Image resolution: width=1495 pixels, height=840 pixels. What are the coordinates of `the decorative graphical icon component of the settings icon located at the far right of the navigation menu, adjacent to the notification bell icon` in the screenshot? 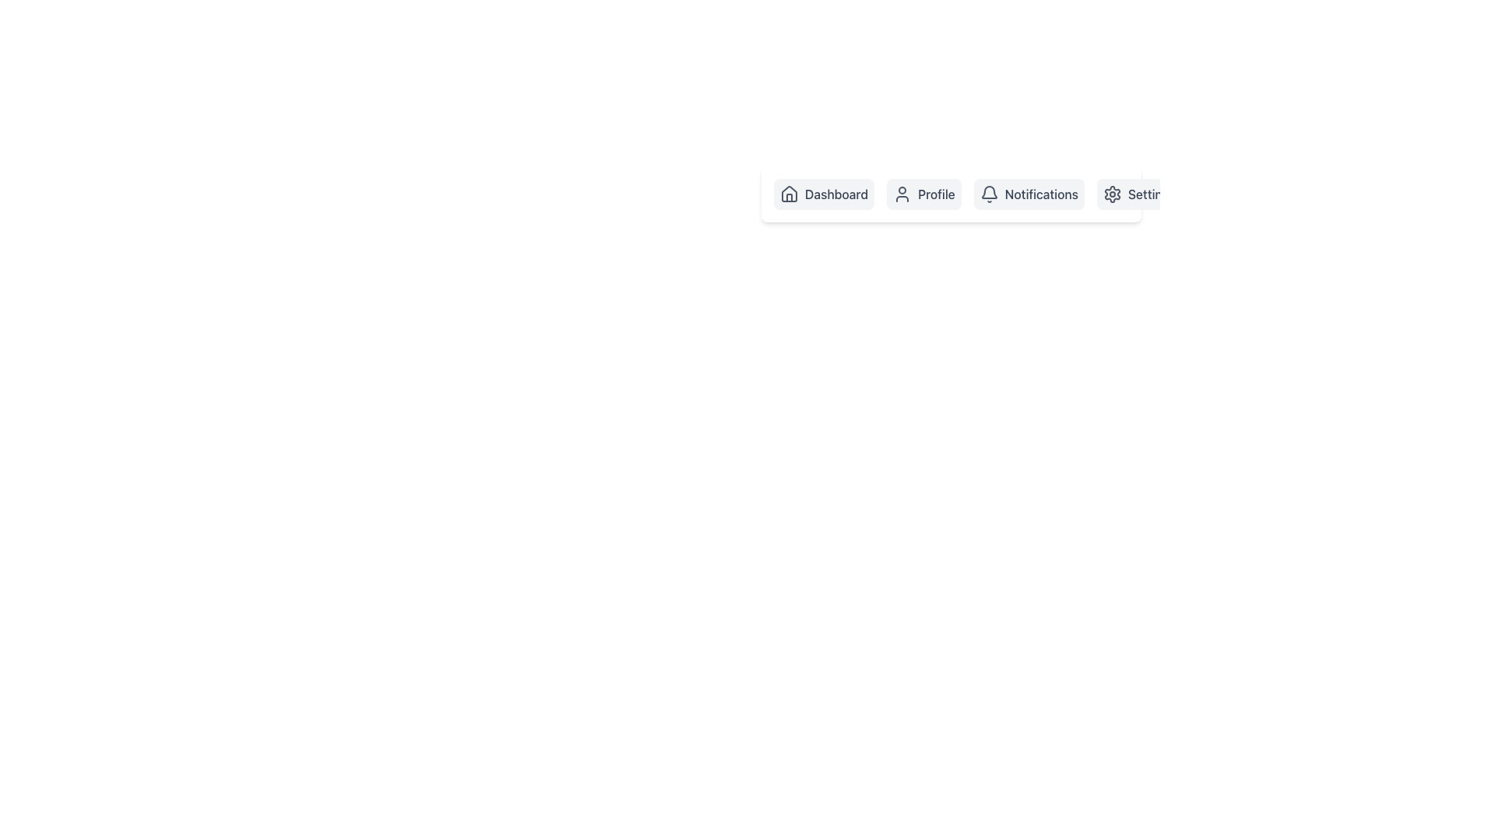 It's located at (1111, 194).